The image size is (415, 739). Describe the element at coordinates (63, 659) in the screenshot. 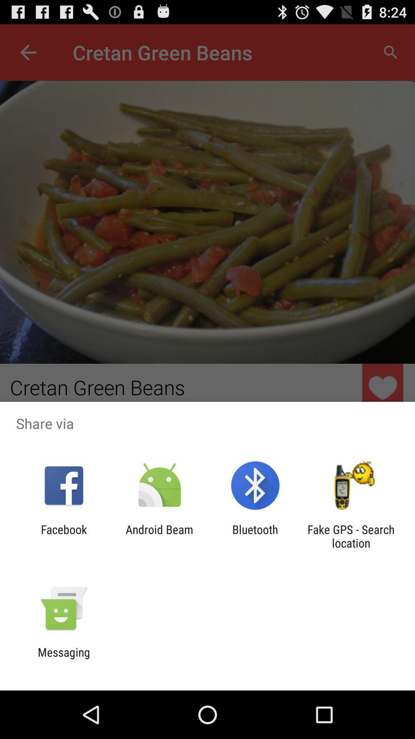

I see `the messaging` at that location.